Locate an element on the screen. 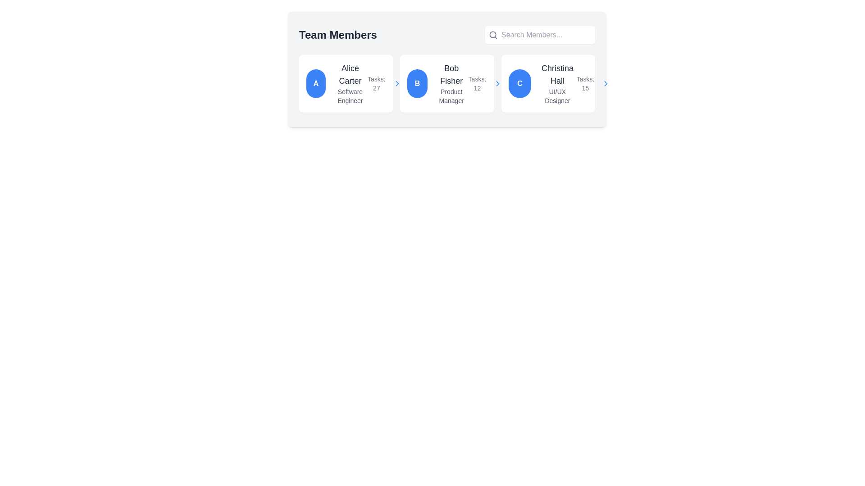 The height and width of the screenshot is (486, 865). a profile information card in the grid layout beneath the 'Team Members' header is located at coordinates (447, 83).